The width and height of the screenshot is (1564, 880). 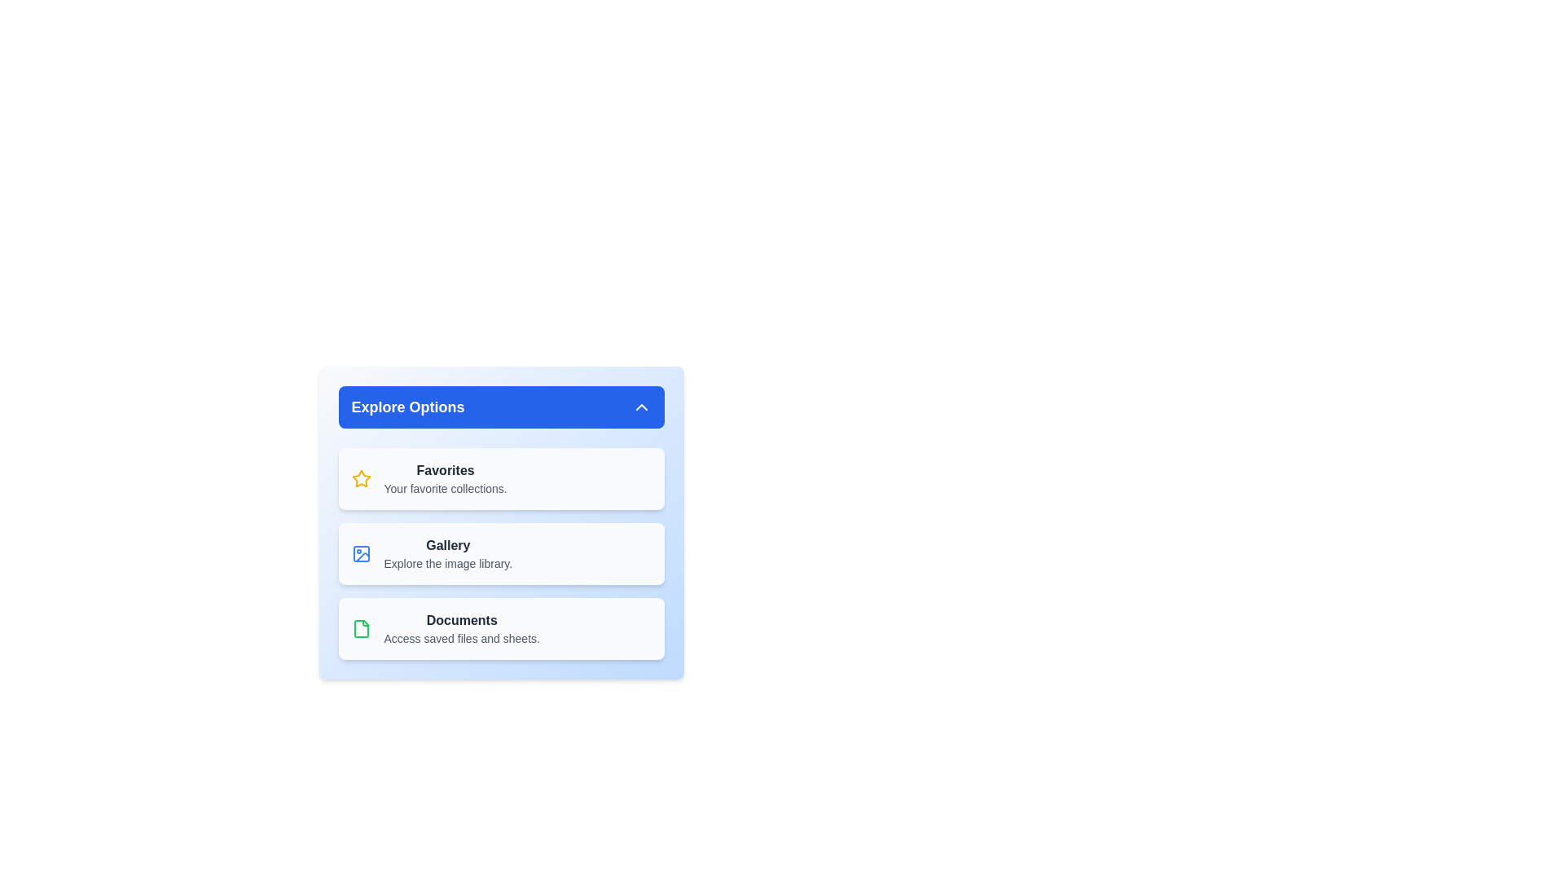 What do you see at coordinates (362, 556) in the screenshot?
I see `the blue icon representing the image feature located in the center of the blue rectangular 'Gallery' button` at bounding box center [362, 556].